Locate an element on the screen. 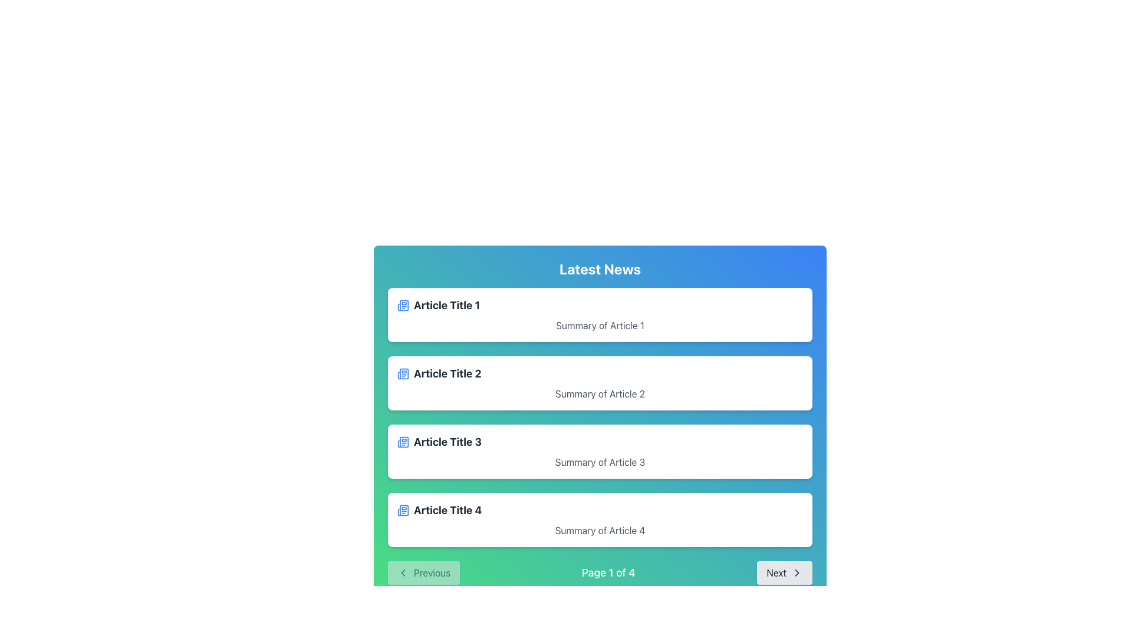 The image size is (1132, 636). the text label representing the title of the article located in the fourth card of the vertical list of article cards is located at coordinates (447, 510).